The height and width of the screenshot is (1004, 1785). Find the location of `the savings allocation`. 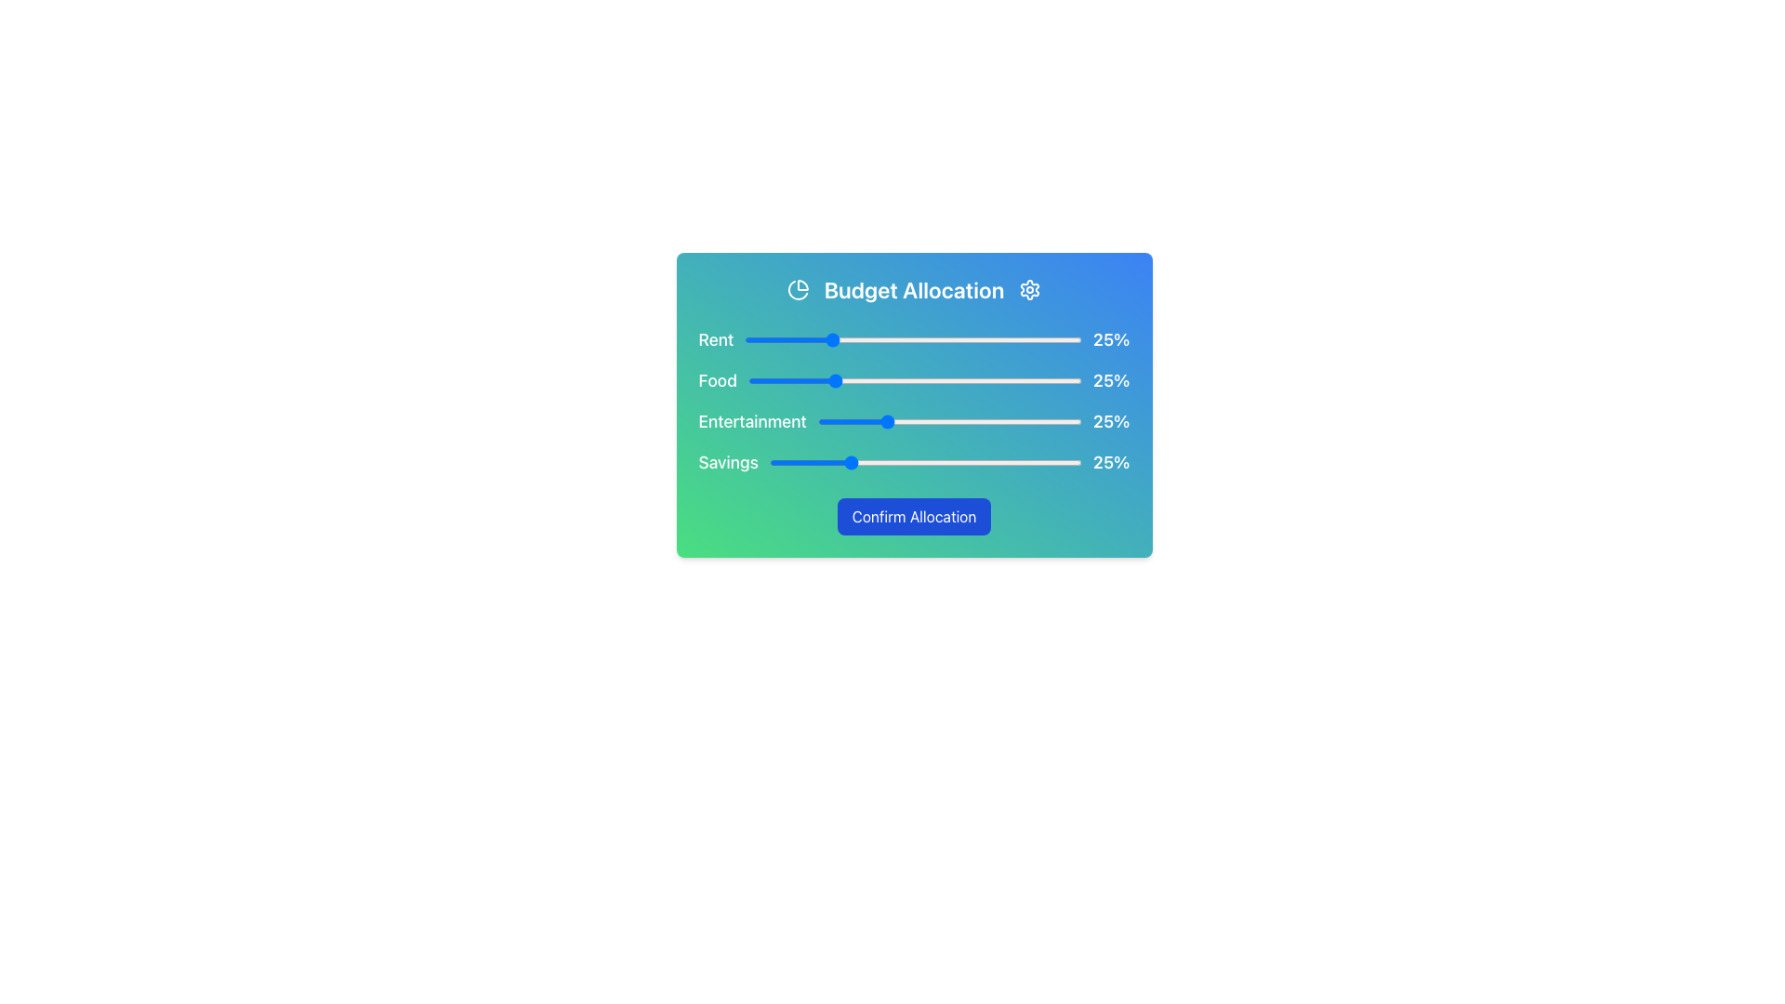

the savings allocation is located at coordinates (1076, 461).